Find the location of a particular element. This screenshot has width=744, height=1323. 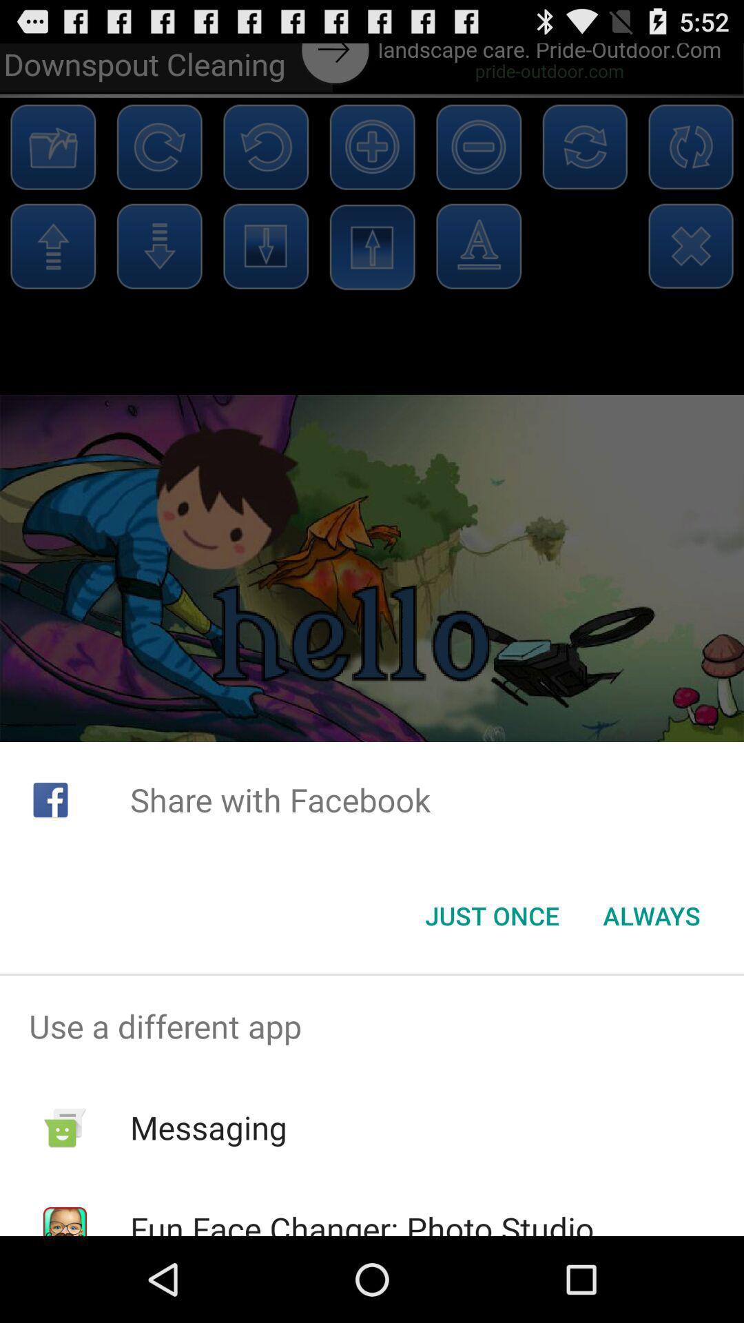

the app below share with facebook item is located at coordinates (651, 916).